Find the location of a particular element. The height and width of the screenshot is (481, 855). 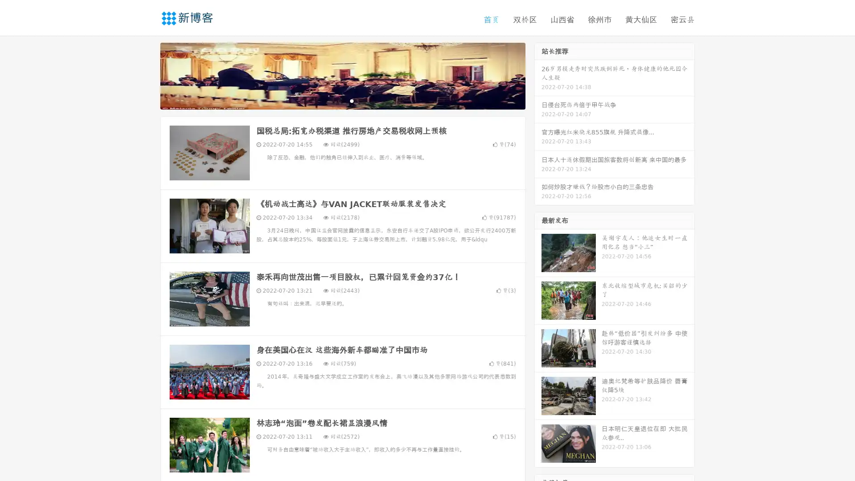

Go to slide 1 is located at coordinates (333, 100).